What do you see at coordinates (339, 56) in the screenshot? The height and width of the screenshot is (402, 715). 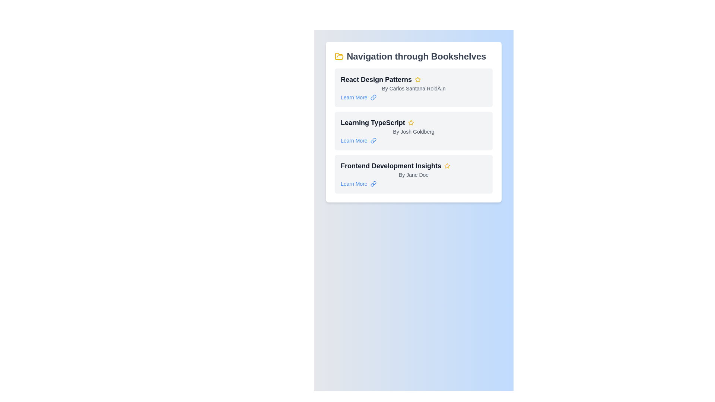 I see `the folder icon with a yellow stroke, positioned to the left of the title 'Navigation through Bookshelves'` at bounding box center [339, 56].